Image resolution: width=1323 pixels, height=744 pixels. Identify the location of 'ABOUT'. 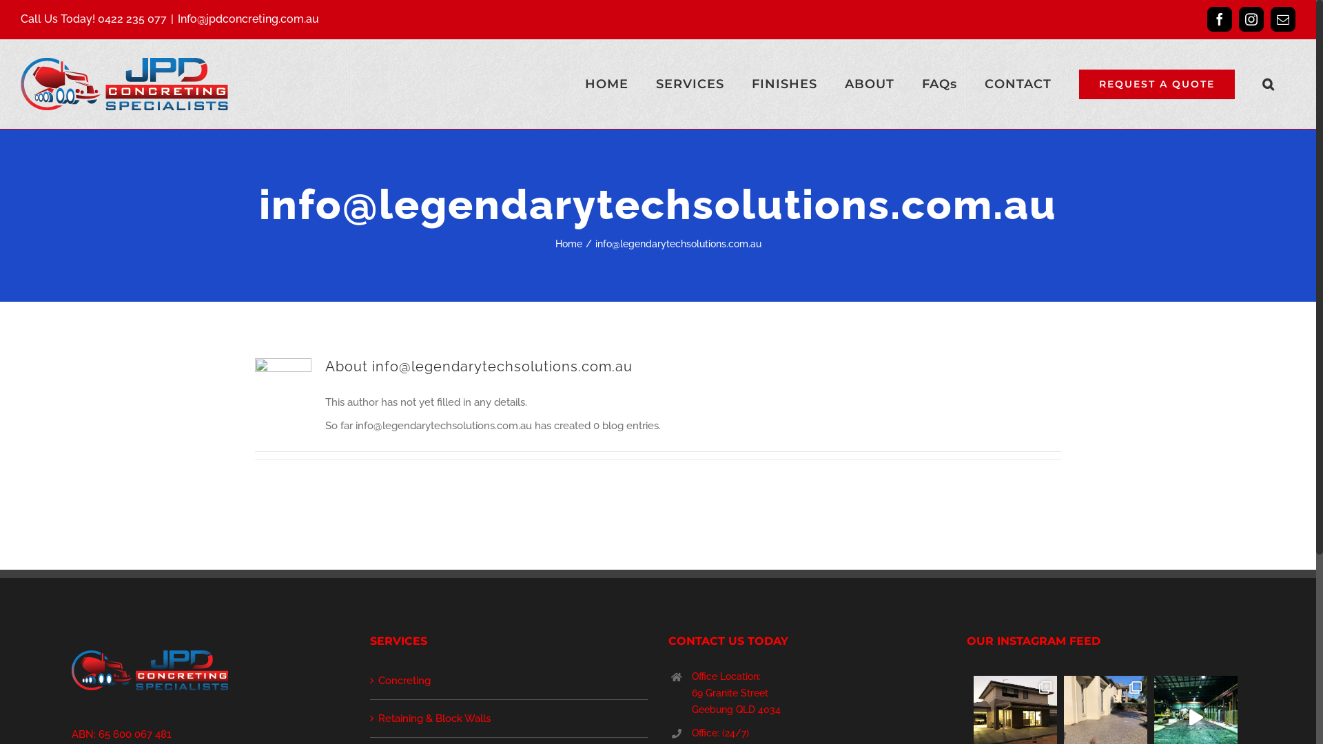
(869, 84).